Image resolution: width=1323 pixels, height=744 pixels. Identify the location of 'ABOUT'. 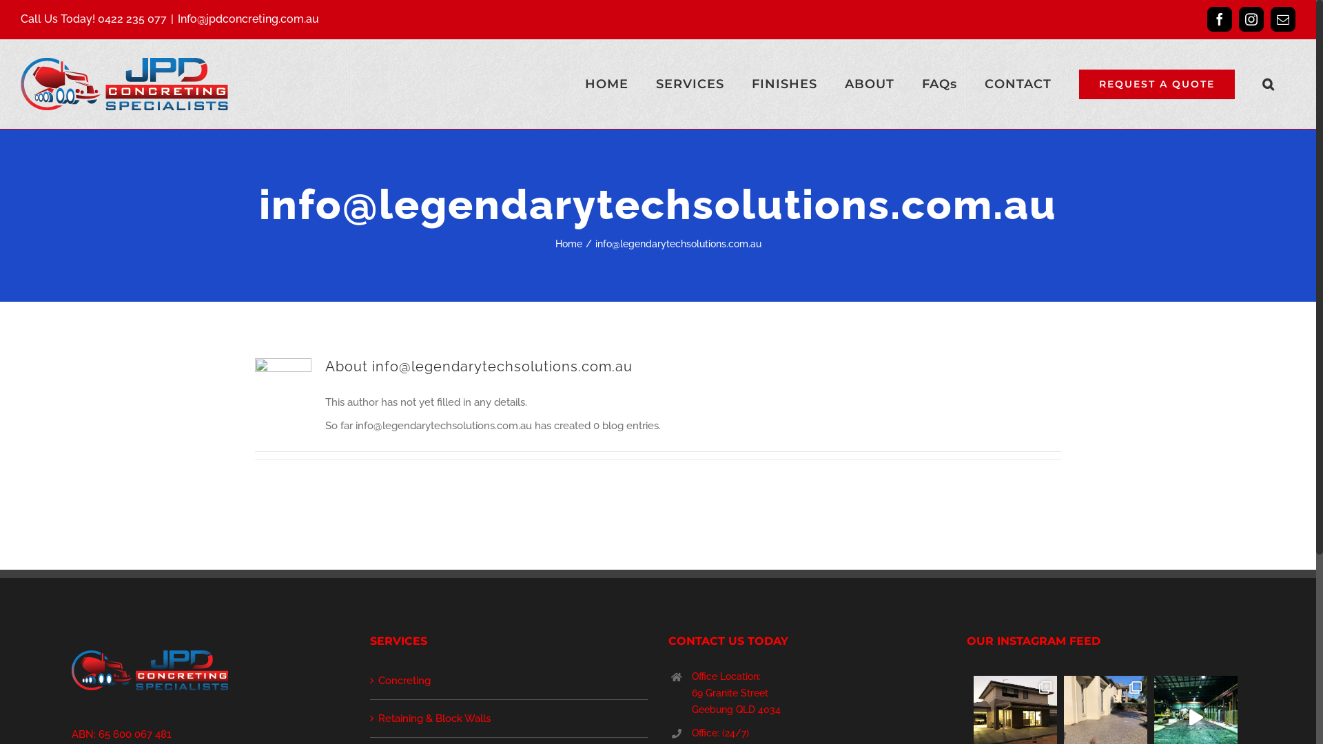
(869, 84).